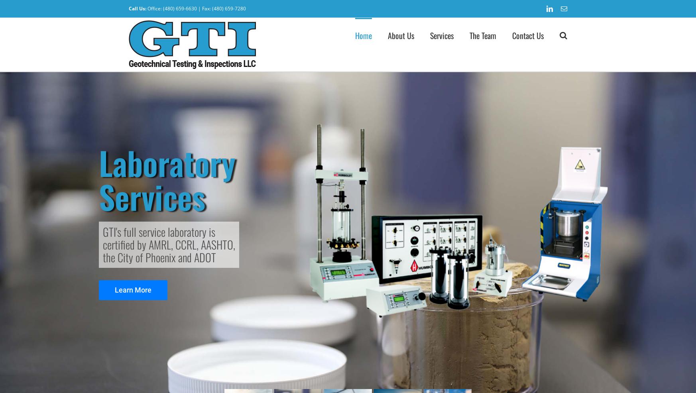 Image resolution: width=696 pixels, height=393 pixels. I want to click on 'Telecommunication Towers', so click(474, 126).